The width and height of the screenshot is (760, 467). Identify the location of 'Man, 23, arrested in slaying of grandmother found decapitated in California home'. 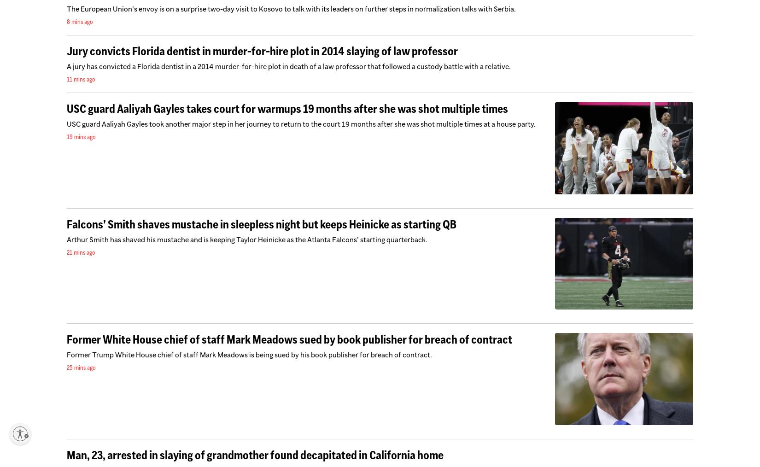
(255, 455).